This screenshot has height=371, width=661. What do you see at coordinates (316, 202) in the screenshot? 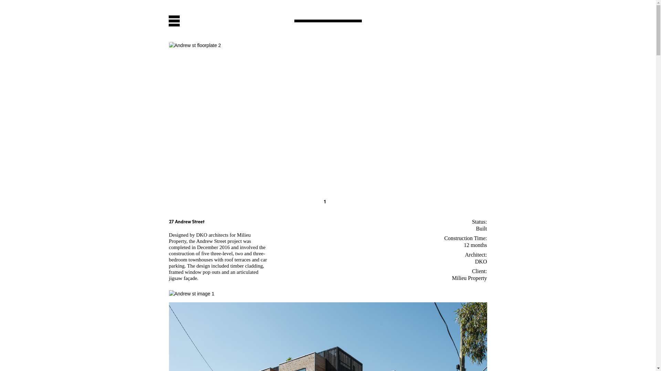
I see `'G'` at bounding box center [316, 202].